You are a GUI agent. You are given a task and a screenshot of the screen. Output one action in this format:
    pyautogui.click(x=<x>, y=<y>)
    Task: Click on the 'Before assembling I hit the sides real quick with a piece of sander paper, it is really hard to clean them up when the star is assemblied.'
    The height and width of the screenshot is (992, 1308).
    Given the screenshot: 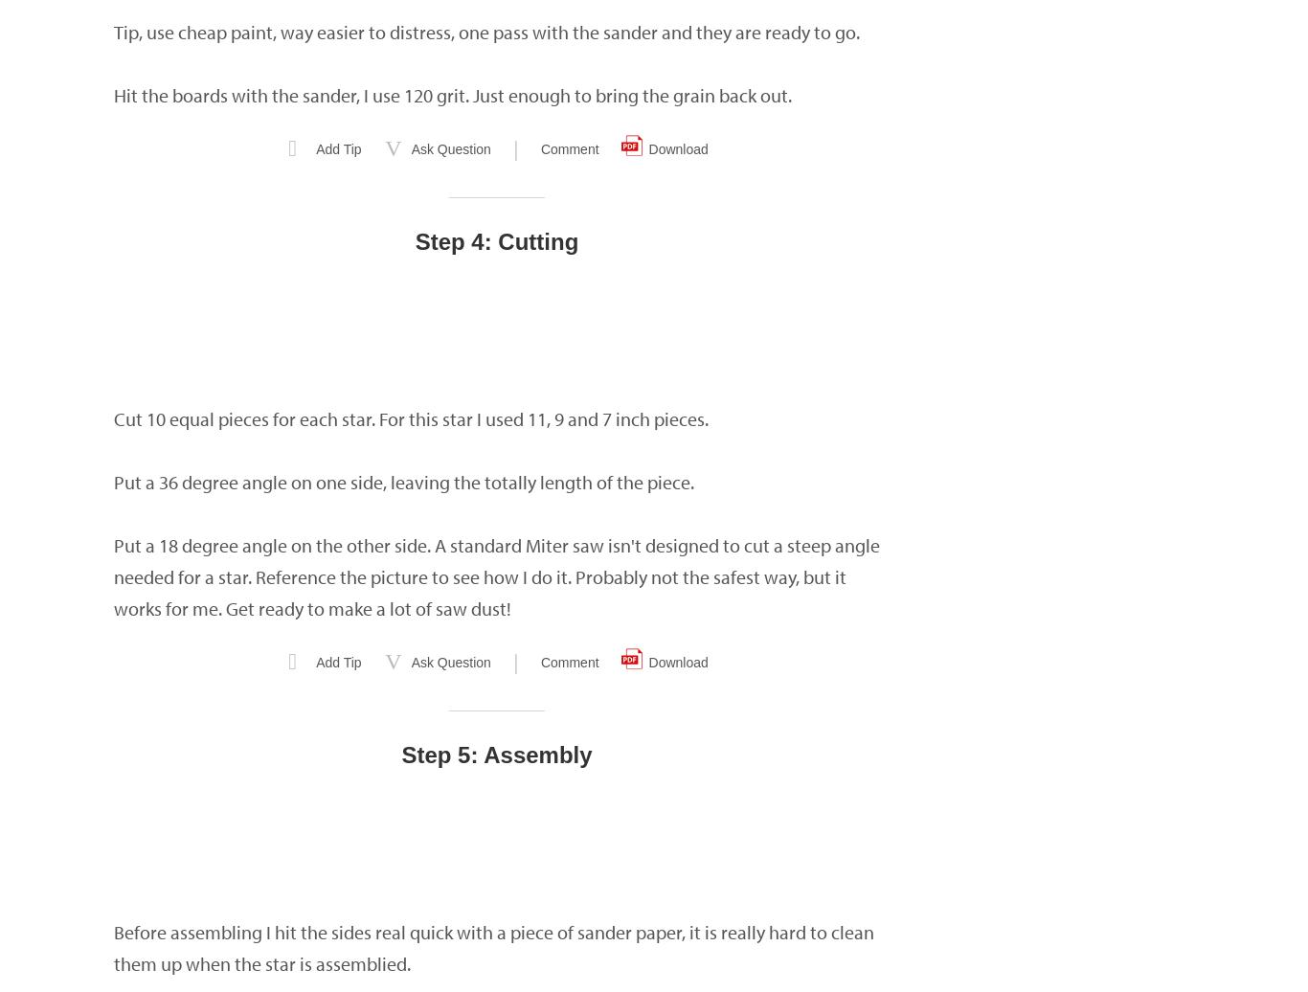 What is the action you would take?
    pyautogui.click(x=112, y=948)
    